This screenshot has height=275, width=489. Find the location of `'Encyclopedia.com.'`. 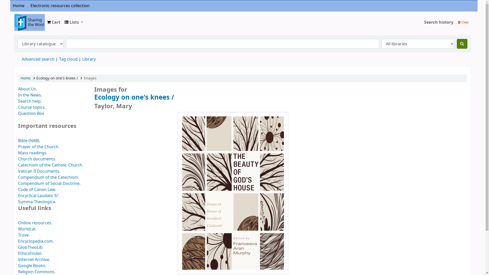

'Encyclopedia.com.' is located at coordinates (35, 241).